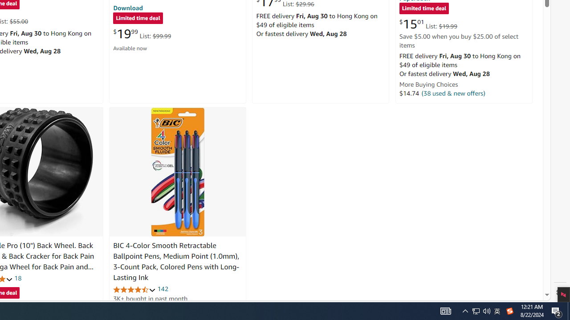 The width and height of the screenshot is (570, 320). Describe the element at coordinates (560, 292) in the screenshot. I see `'Settings'` at that location.